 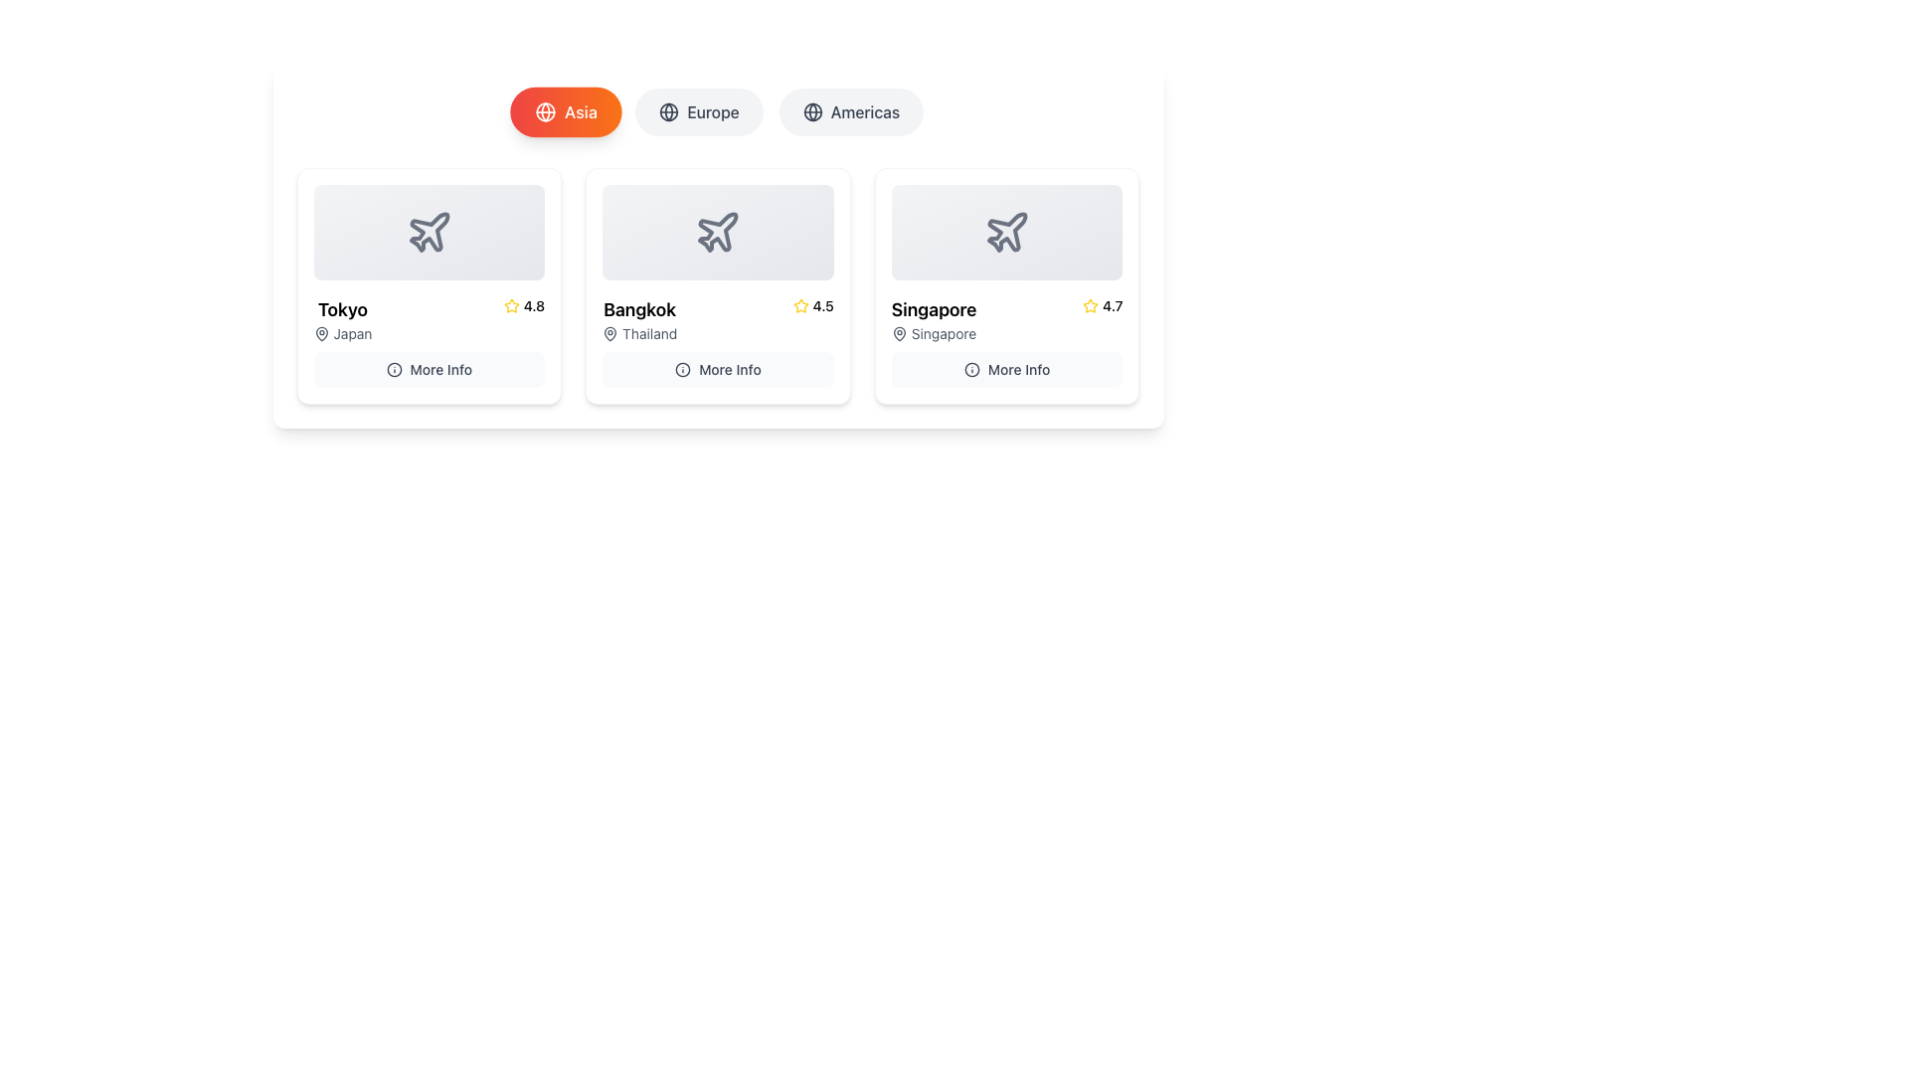 I want to click on the pin icon graphic representing Singapore, which is styled as an outline in the map pin shape, located next to the text 'Singapore' and above the 'More Info' button, so click(x=898, y=332).